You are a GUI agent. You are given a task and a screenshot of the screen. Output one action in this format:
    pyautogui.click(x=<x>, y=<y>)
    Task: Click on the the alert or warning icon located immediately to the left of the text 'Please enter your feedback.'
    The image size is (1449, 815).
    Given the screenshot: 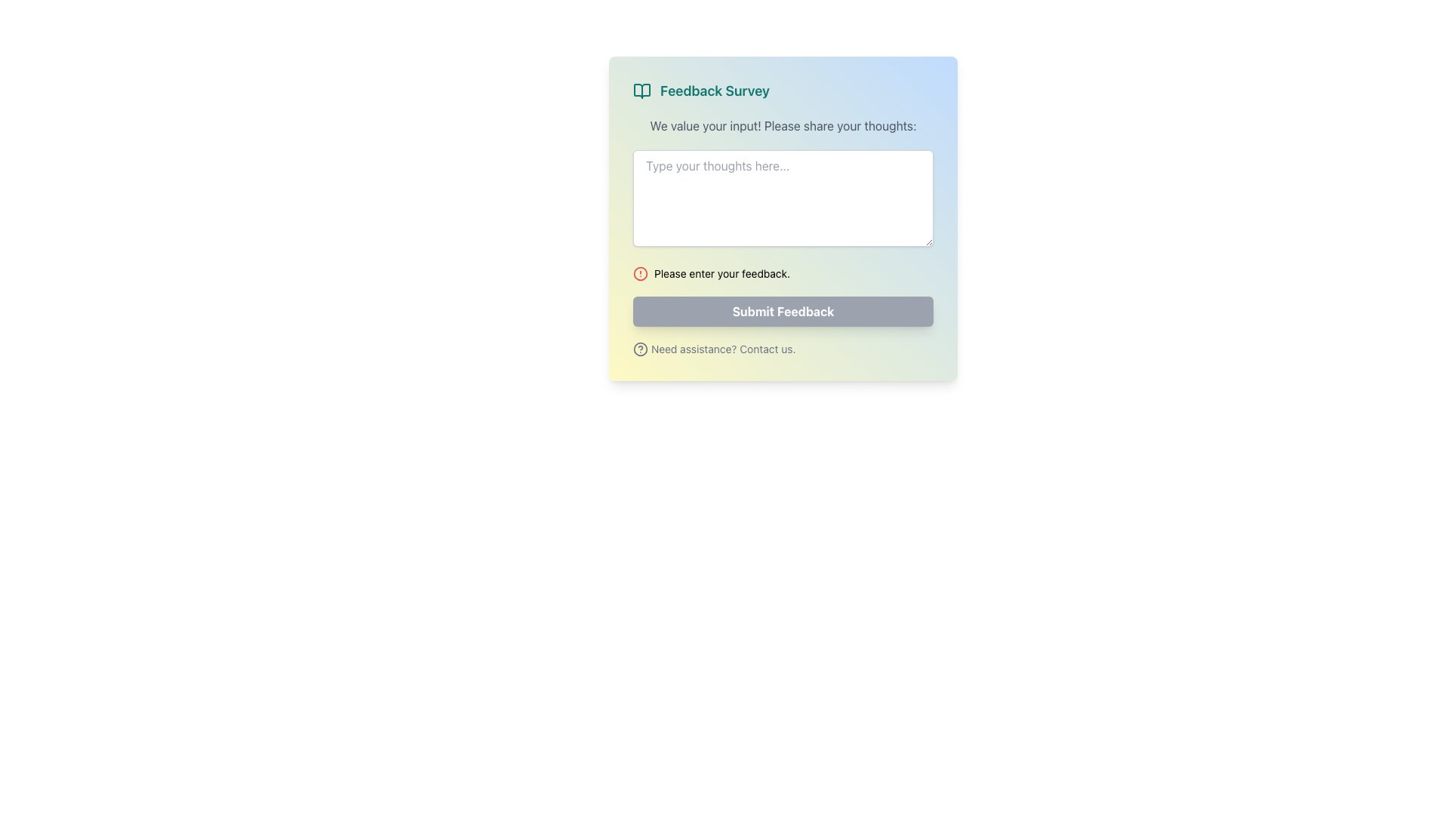 What is the action you would take?
    pyautogui.click(x=641, y=273)
    